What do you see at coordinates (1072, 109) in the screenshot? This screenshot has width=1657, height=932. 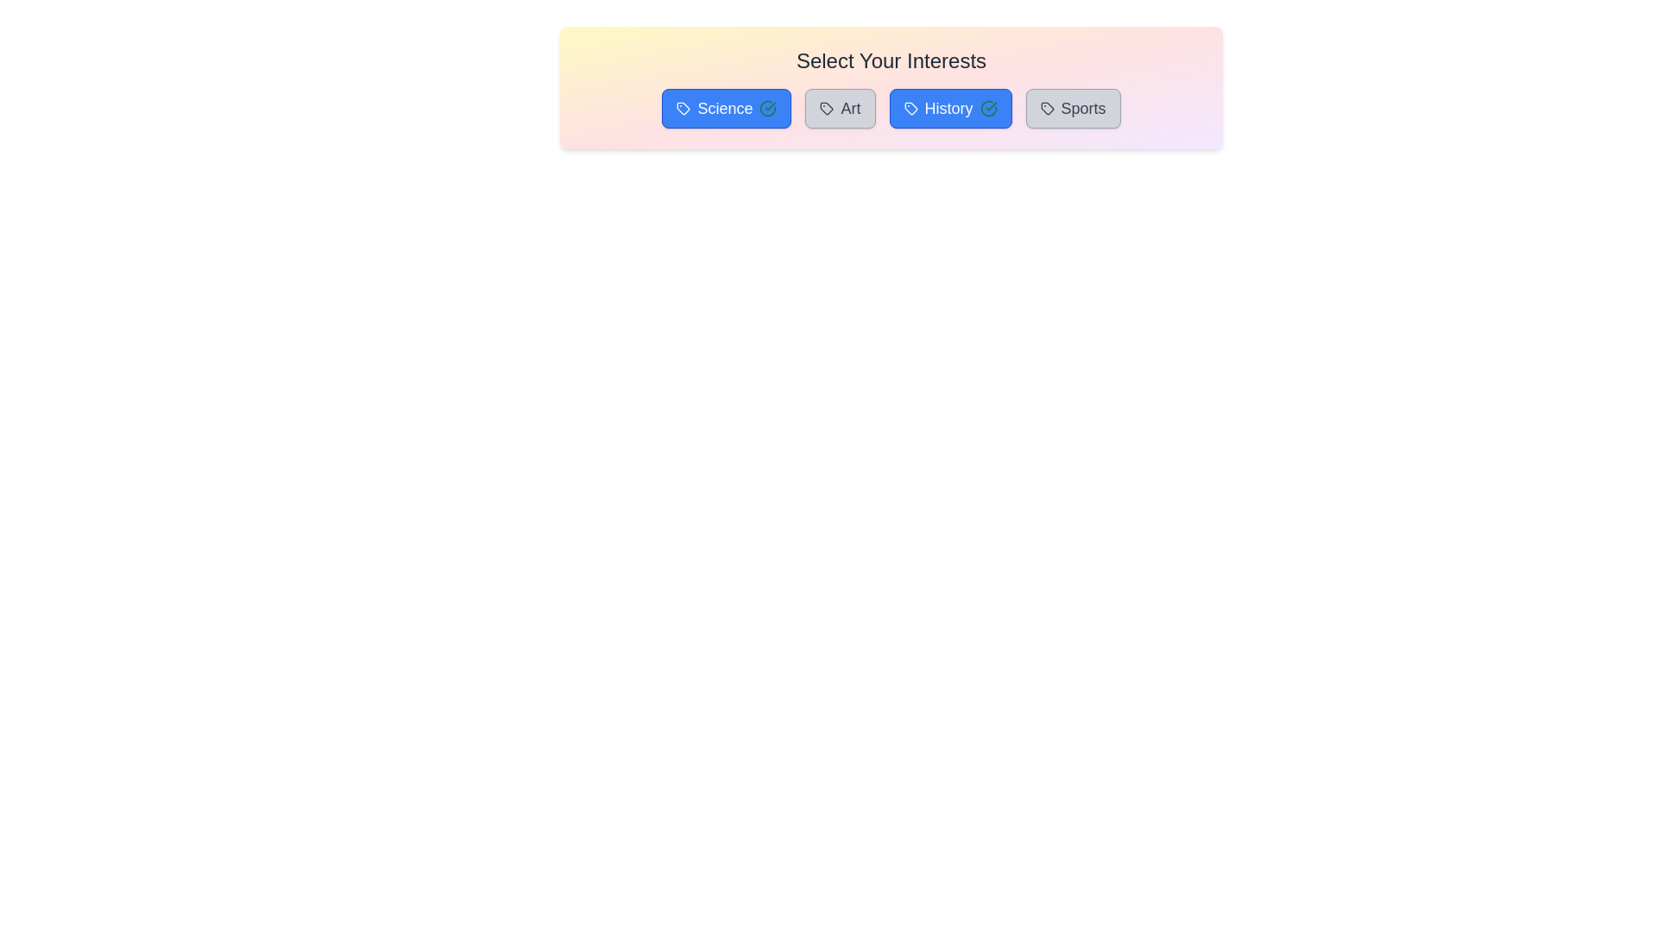 I see `the tag Sports` at bounding box center [1072, 109].